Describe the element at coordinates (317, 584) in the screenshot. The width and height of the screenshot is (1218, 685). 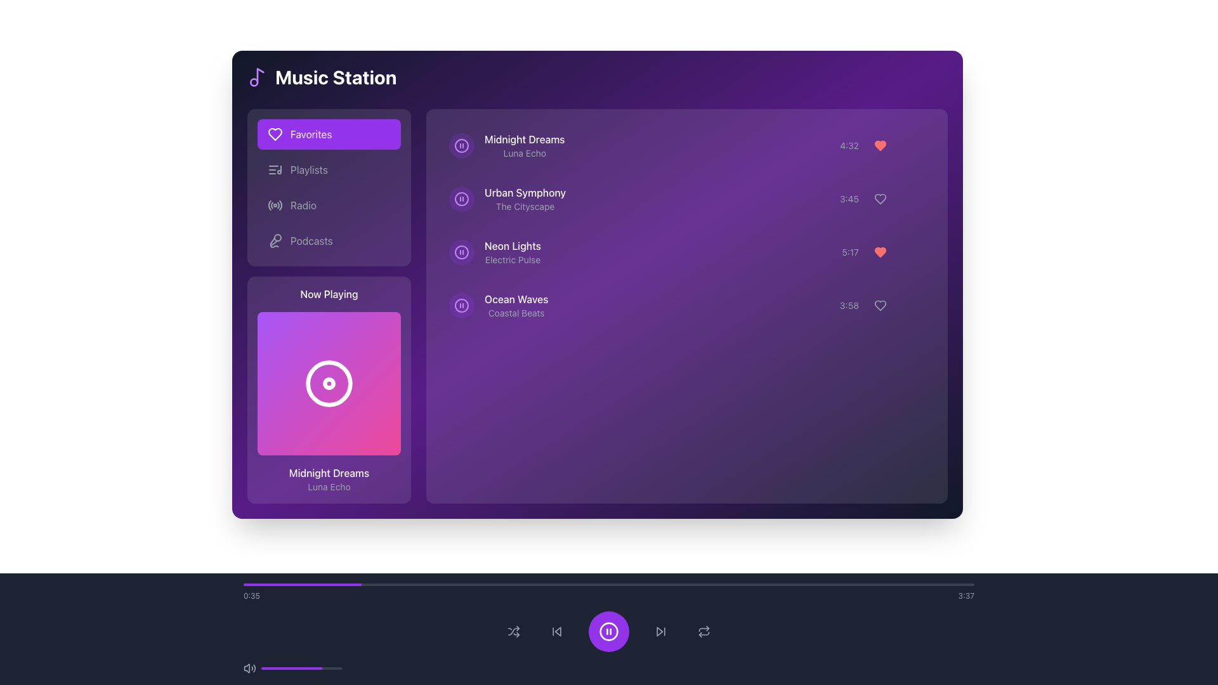
I see `playback progress` at that location.